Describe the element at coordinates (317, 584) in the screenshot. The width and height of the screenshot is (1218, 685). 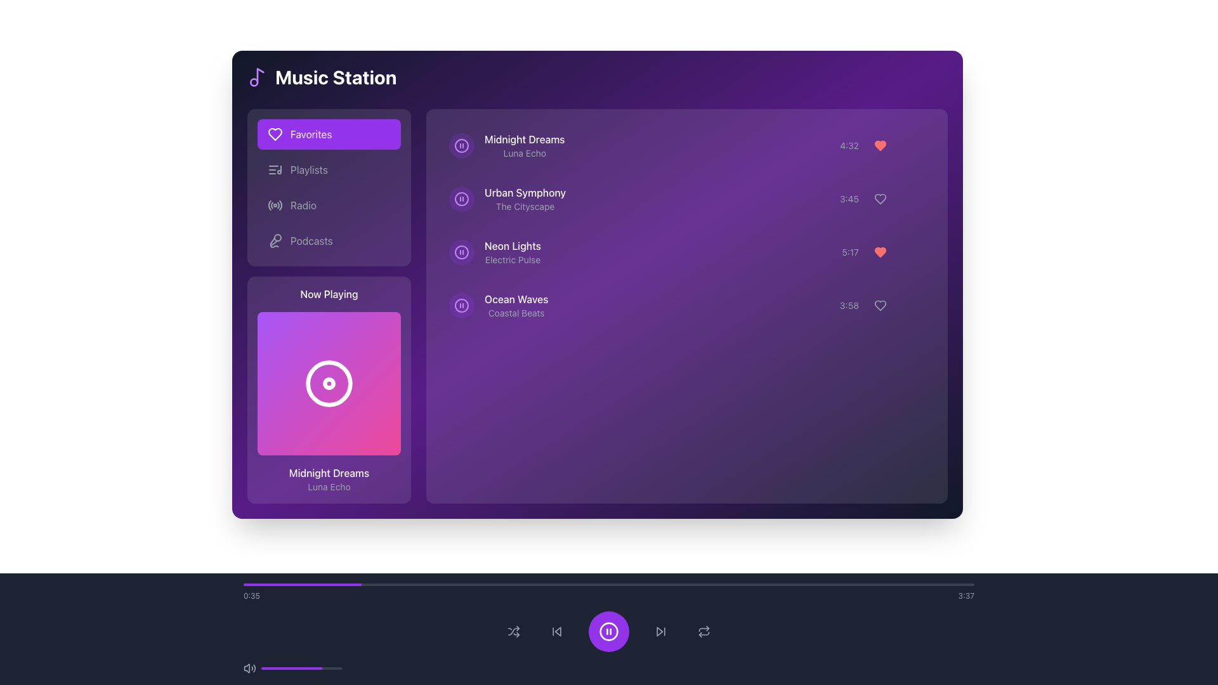
I see `playback progress` at that location.